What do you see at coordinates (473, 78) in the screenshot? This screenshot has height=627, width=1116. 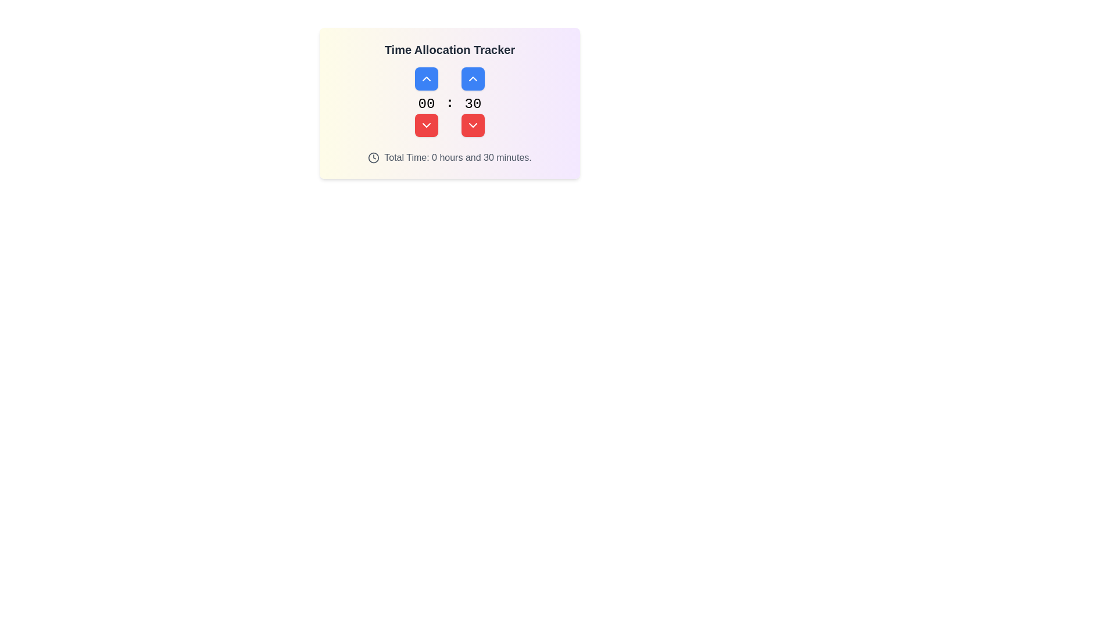 I see `the blue button with rounded corners and a white upward-pointing chevron icon located above the number '30' in the 'Time Allocation Tracker' section to increment the associated value` at bounding box center [473, 78].